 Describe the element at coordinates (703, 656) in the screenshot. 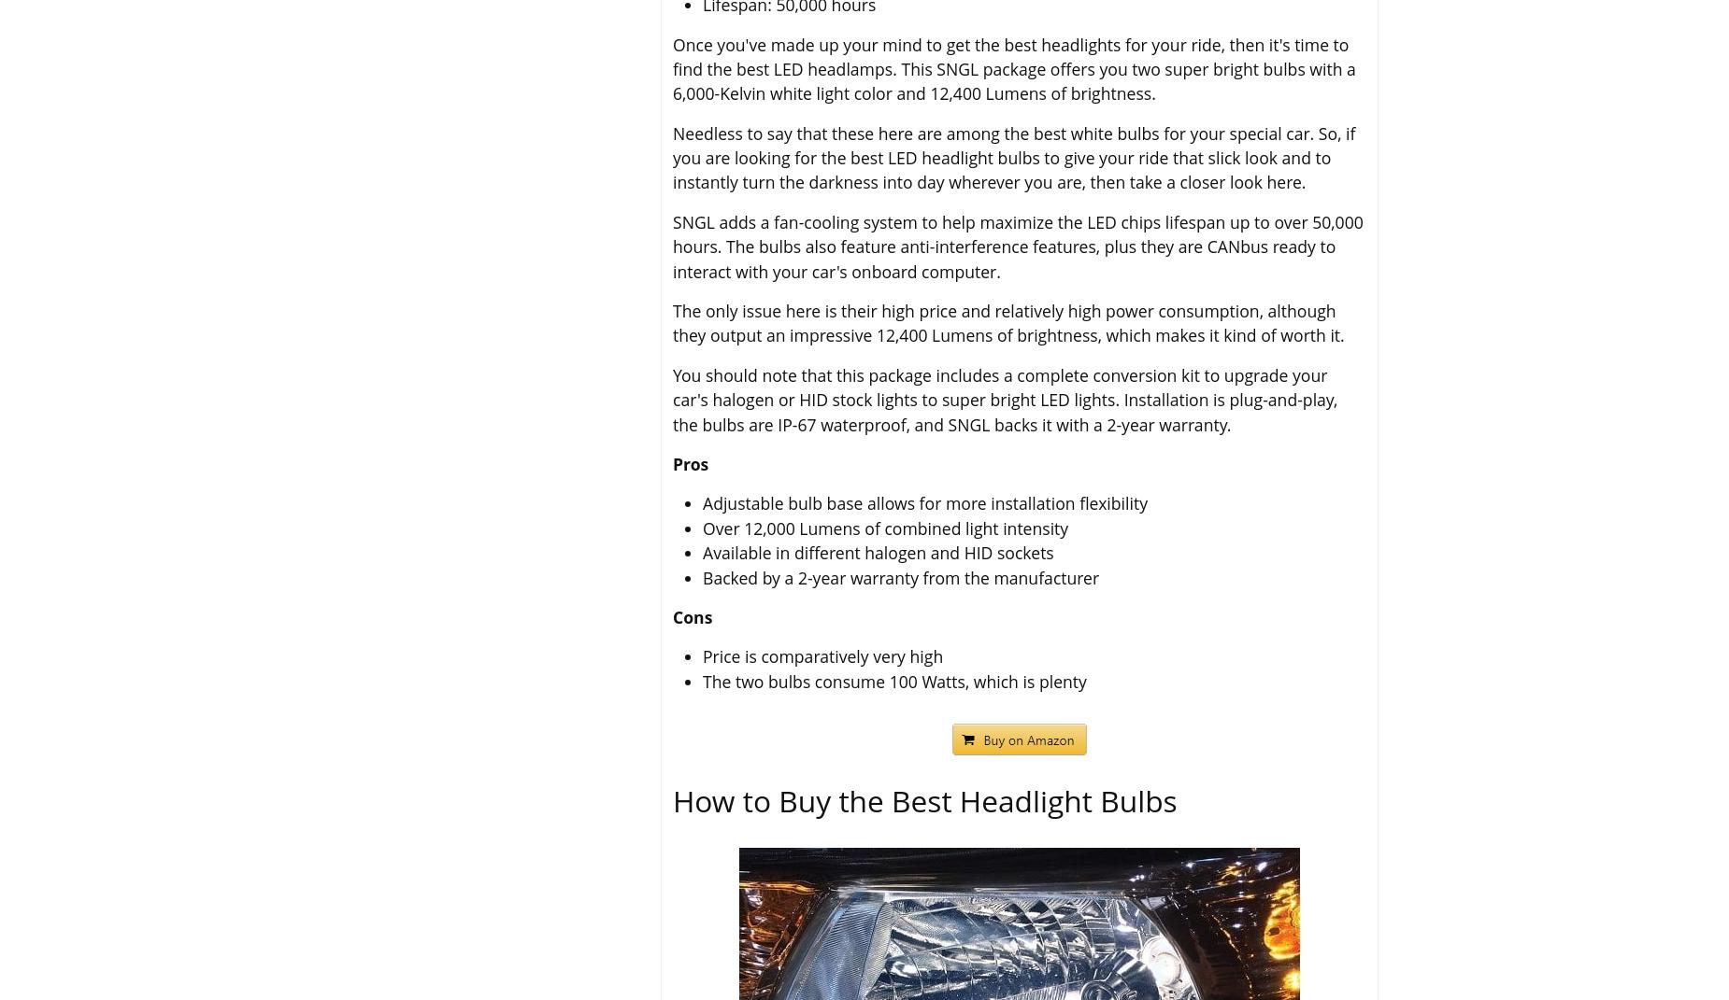

I see `'Price is comparatively very high'` at that location.